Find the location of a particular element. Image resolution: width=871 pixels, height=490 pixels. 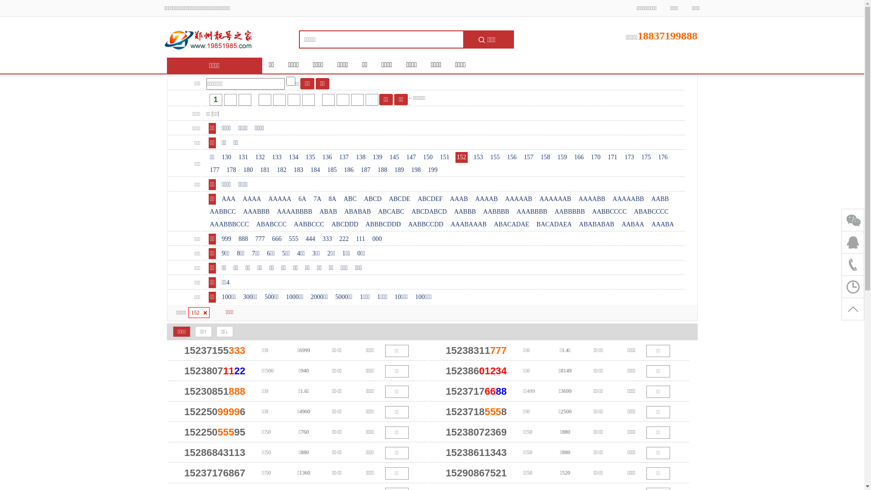

'ABAB' is located at coordinates (318, 211).